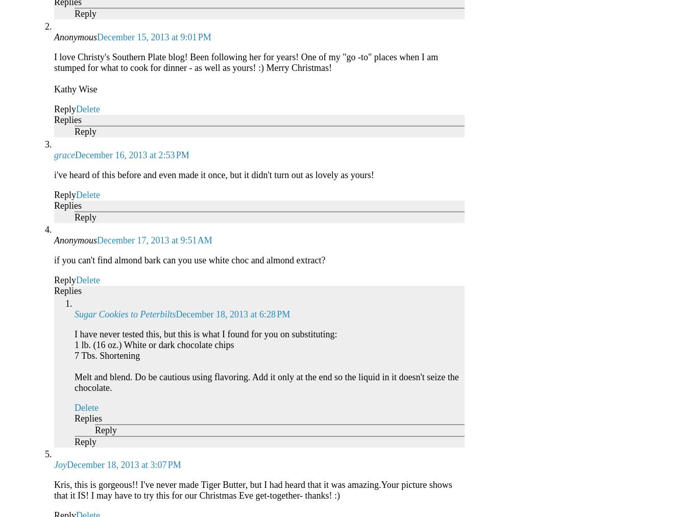 This screenshot has width=678, height=517. What do you see at coordinates (154, 36) in the screenshot?
I see `'December 15, 2013 at 9:01 PM'` at bounding box center [154, 36].